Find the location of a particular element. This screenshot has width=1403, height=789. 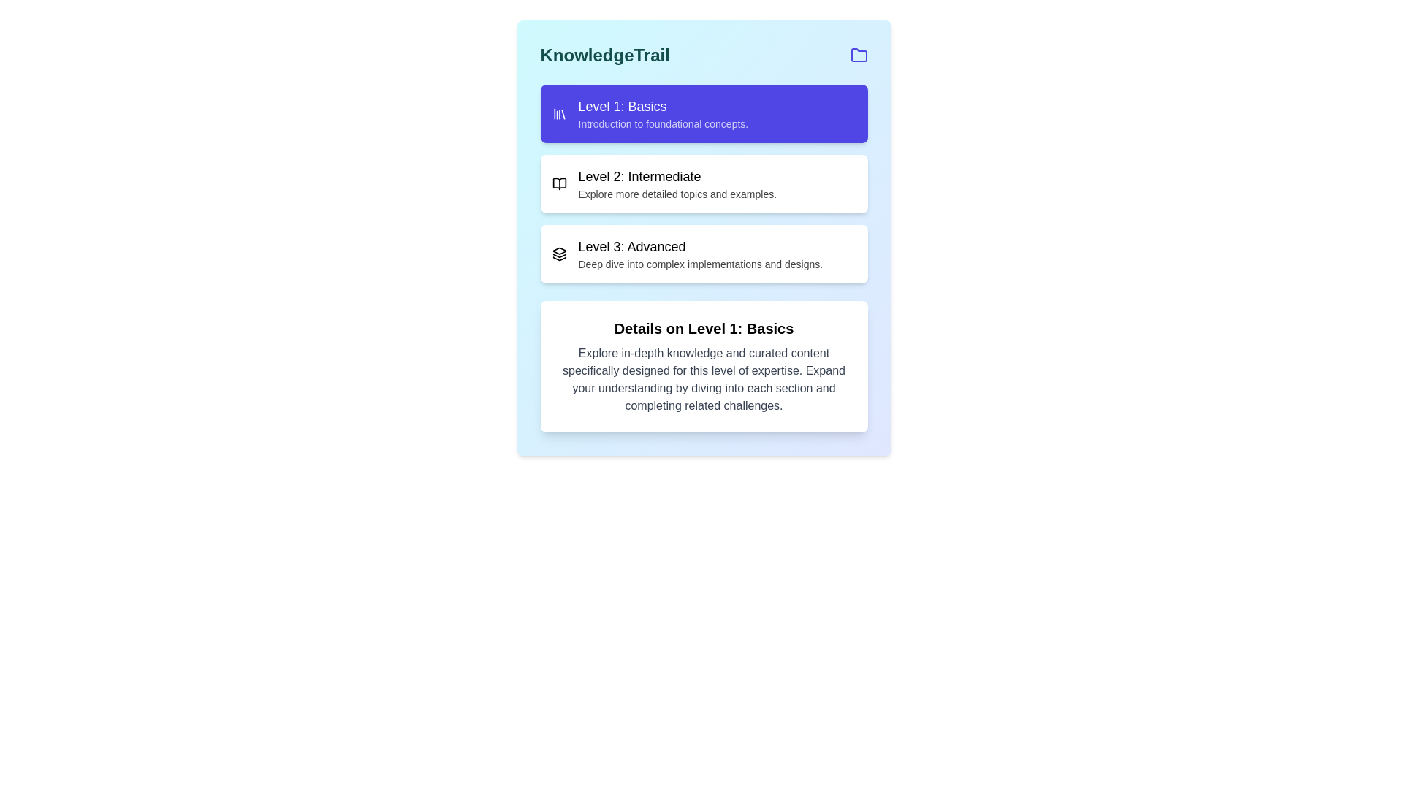

the text block that provides descriptive information about the level of expertise for 'Details on Level 1: Basics' is located at coordinates (704, 379).